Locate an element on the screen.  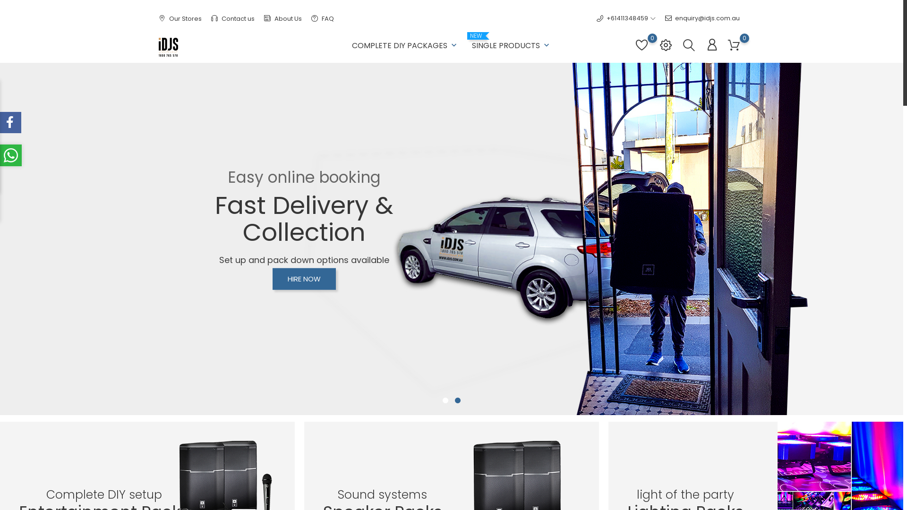
'1' is located at coordinates (445, 400).